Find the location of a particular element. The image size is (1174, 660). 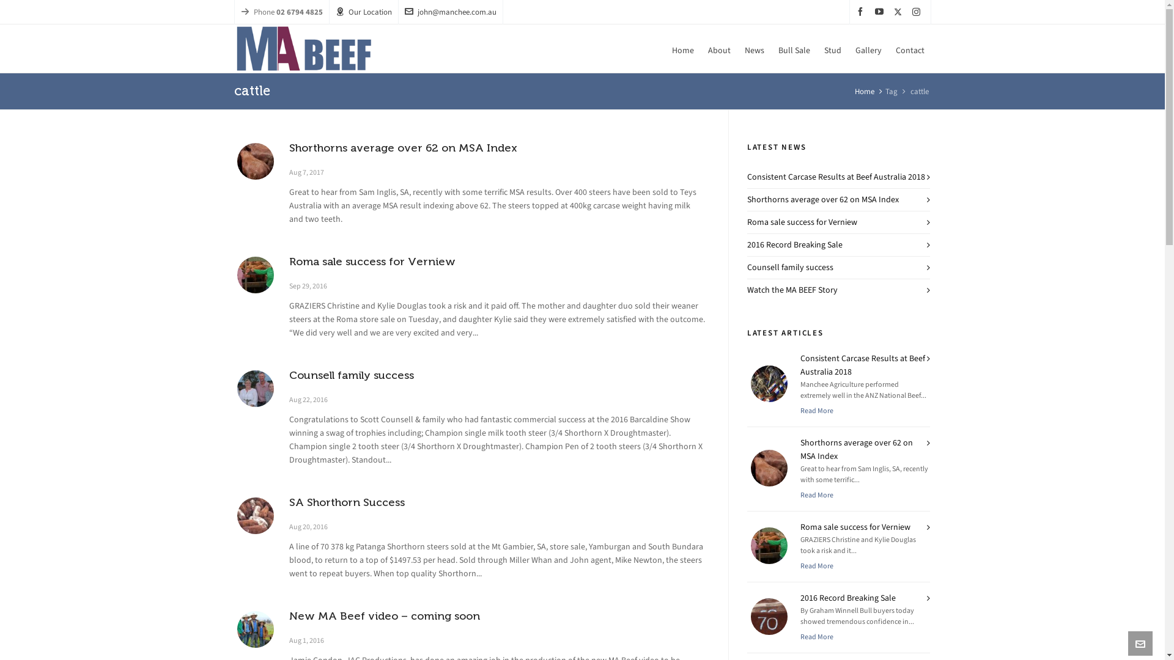

'john@manchee.com.au' is located at coordinates (450, 12).